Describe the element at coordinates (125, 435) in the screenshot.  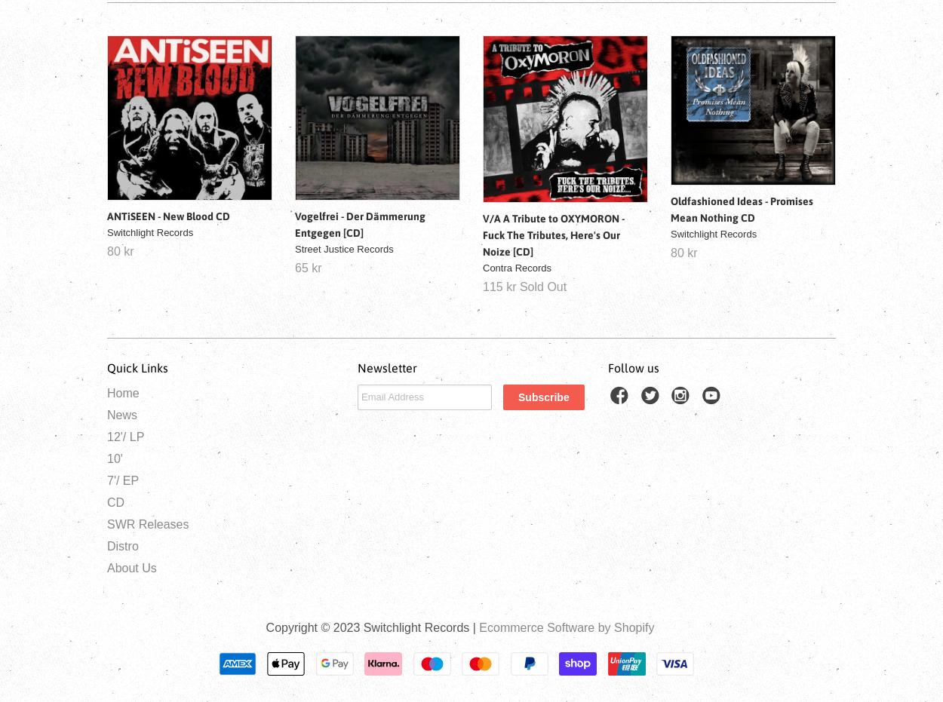
I see `'12'/ LP'` at that location.